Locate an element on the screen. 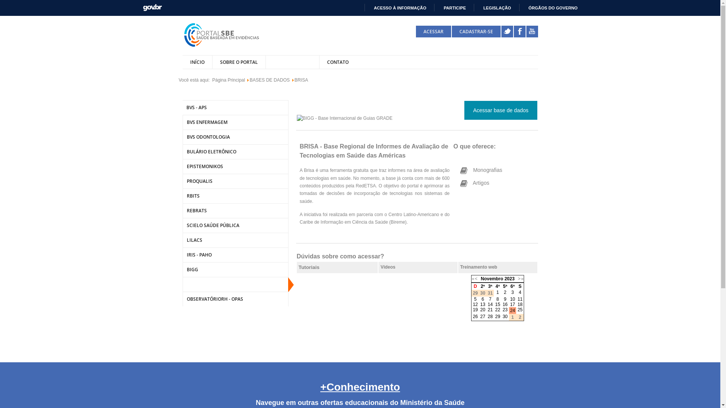 This screenshot has width=726, height=408. '13' is located at coordinates (482, 304).